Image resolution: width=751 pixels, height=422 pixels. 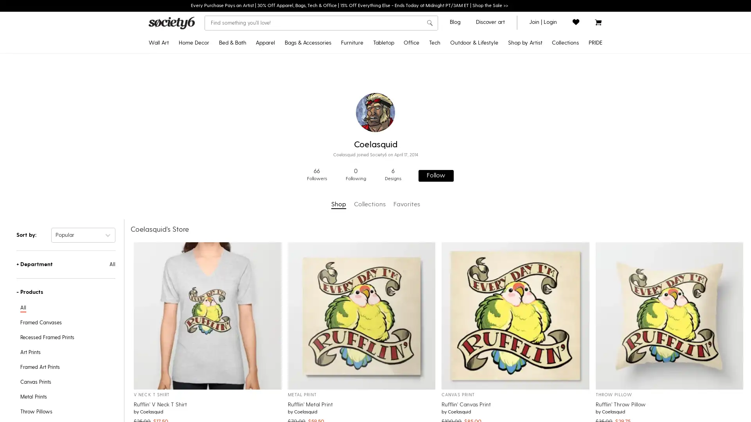 I want to click on Inspired by Matisse, so click(x=536, y=151).